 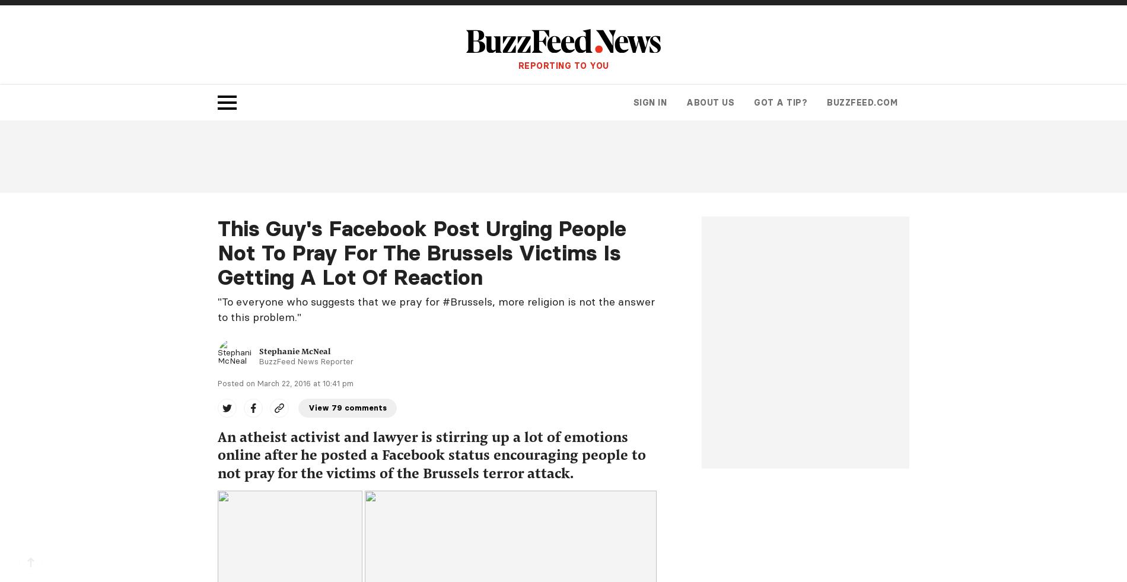 I want to click on 'BuzzFeed News Reporter', so click(x=306, y=361).